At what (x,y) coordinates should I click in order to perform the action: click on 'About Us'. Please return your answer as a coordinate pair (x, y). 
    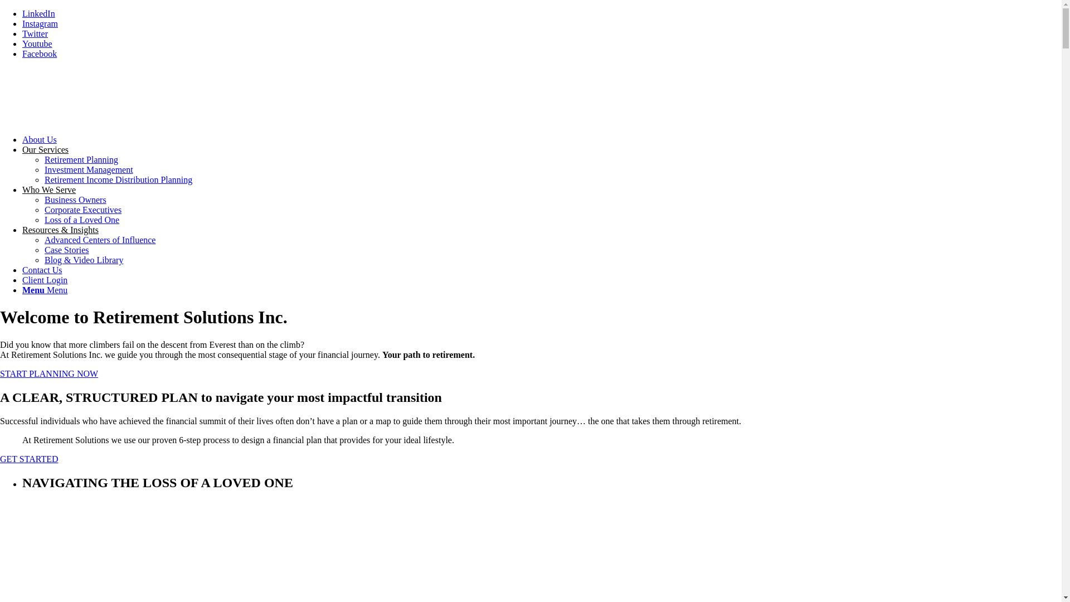
    Looking at the image, I should click on (40, 139).